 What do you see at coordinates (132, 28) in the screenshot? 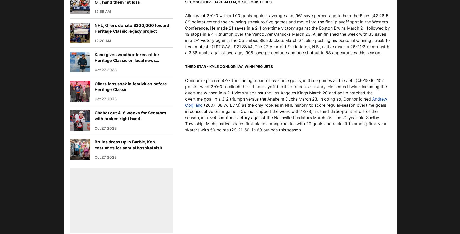
I see `'NHL, Oilers donate $200,000 toward Heritage Classic legacy project'` at bounding box center [132, 28].